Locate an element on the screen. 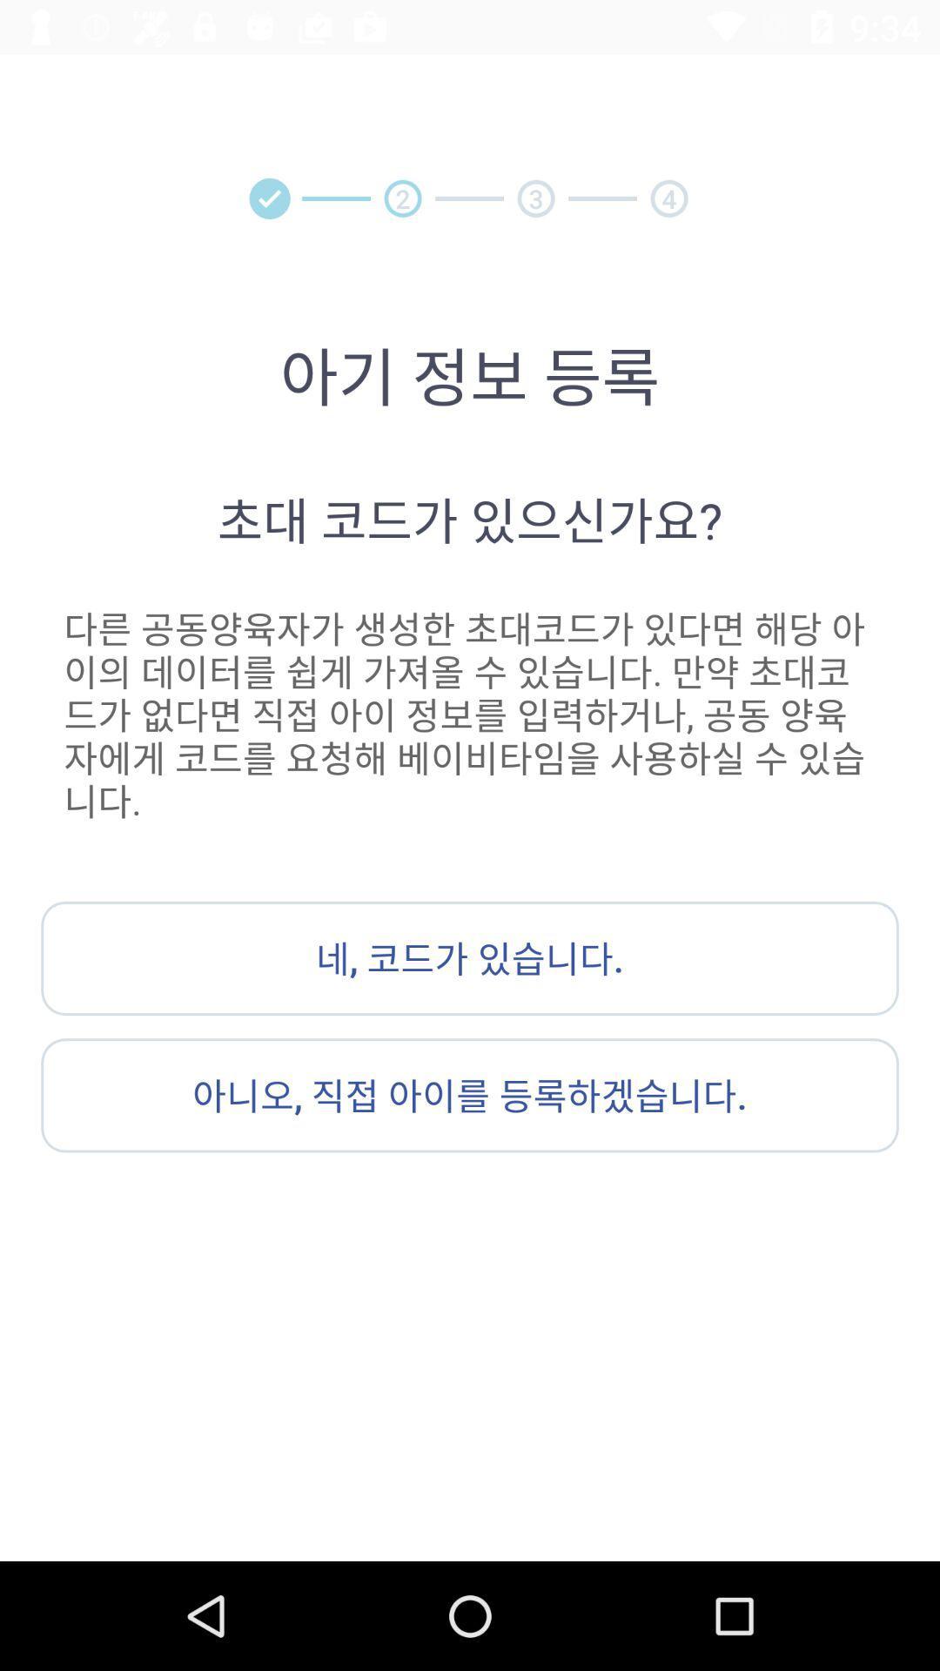 The image size is (940, 1671). 4 item is located at coordinates (668, 198).